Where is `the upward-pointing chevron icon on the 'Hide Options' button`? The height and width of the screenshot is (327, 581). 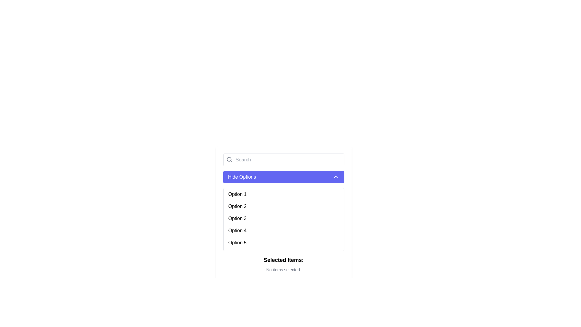 the upward-pointing chevron icon on the 'Hide Options' button is located at coordinates (335, 177).